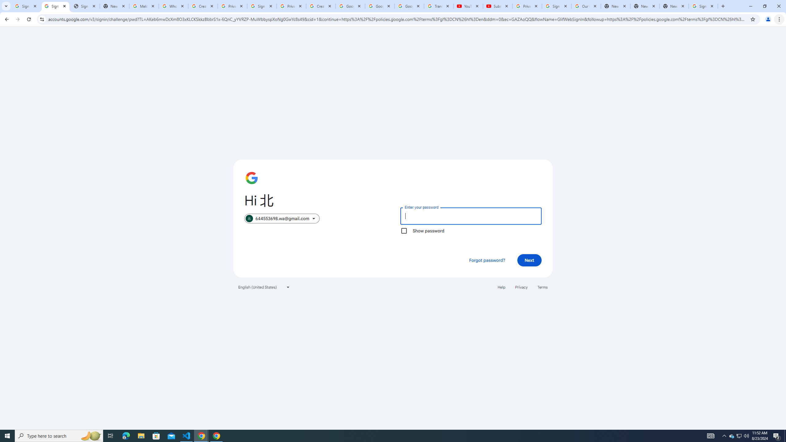 This screenshot has height=442, width=786. What do you see at coordinates (470, 215) in the screenshot?
I see `'Enter your password'` at bounding box center [470, 215].